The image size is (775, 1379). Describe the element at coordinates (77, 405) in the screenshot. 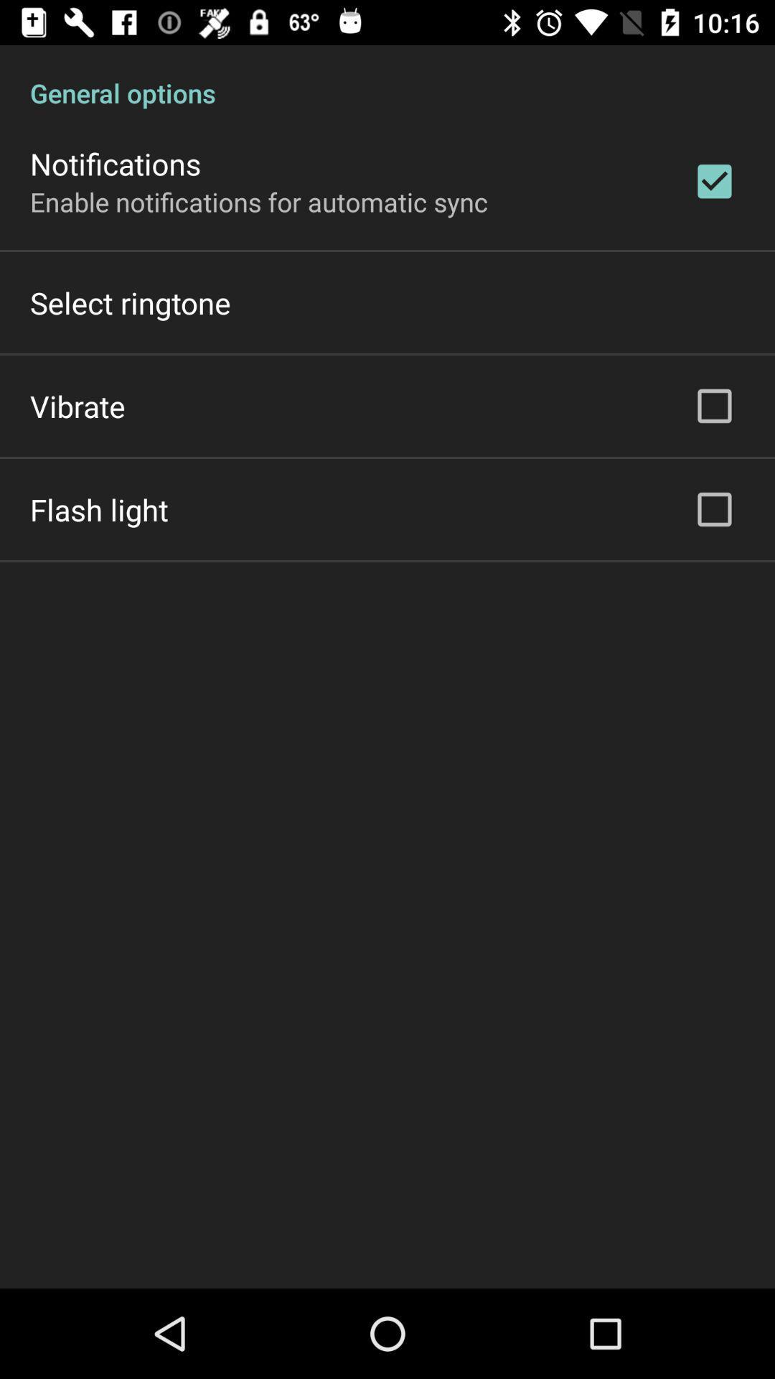

I see `vibrate item` at that location.